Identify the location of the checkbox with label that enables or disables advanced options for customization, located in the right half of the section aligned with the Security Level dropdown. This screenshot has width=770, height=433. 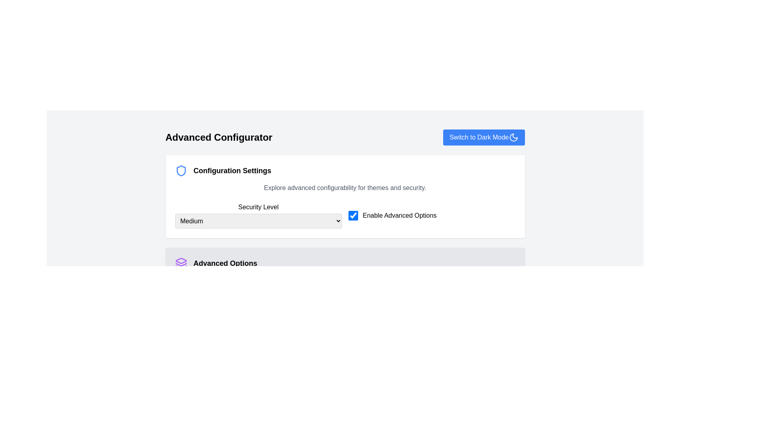
(431, 215).